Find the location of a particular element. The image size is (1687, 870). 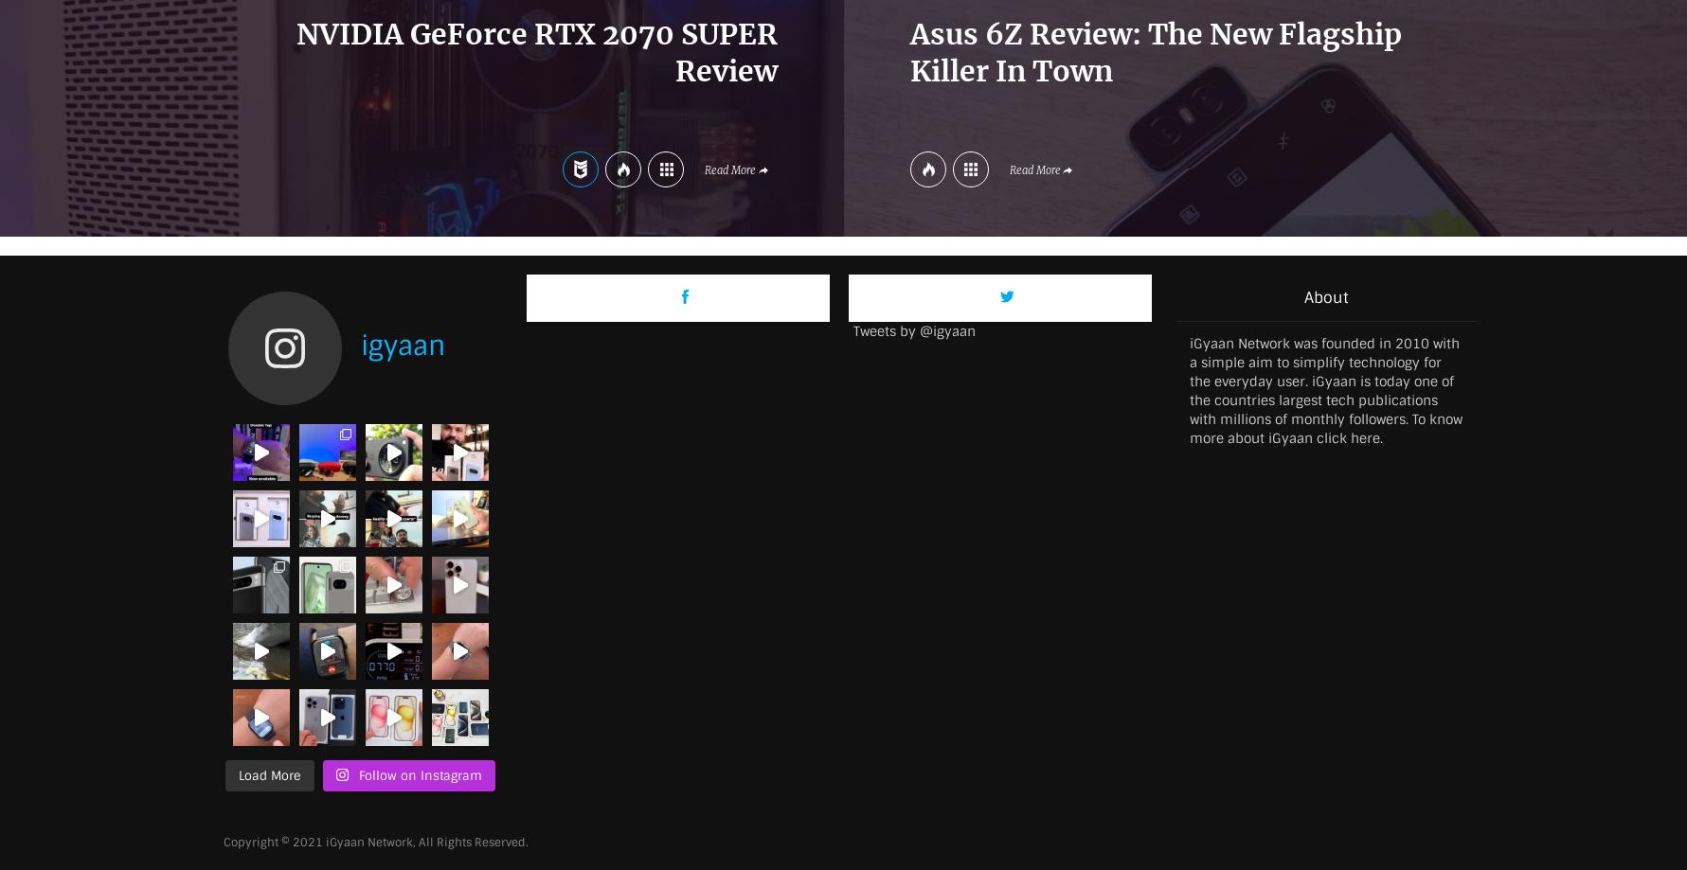

'iGyaan Network was founded in 2010 with a simple aim to simplify technology for the everyday user. iGyaan is today one of the countries largest tech publications with millions of monthly followers. To know more about iGyaan' is located at coordinates (1323, 389).